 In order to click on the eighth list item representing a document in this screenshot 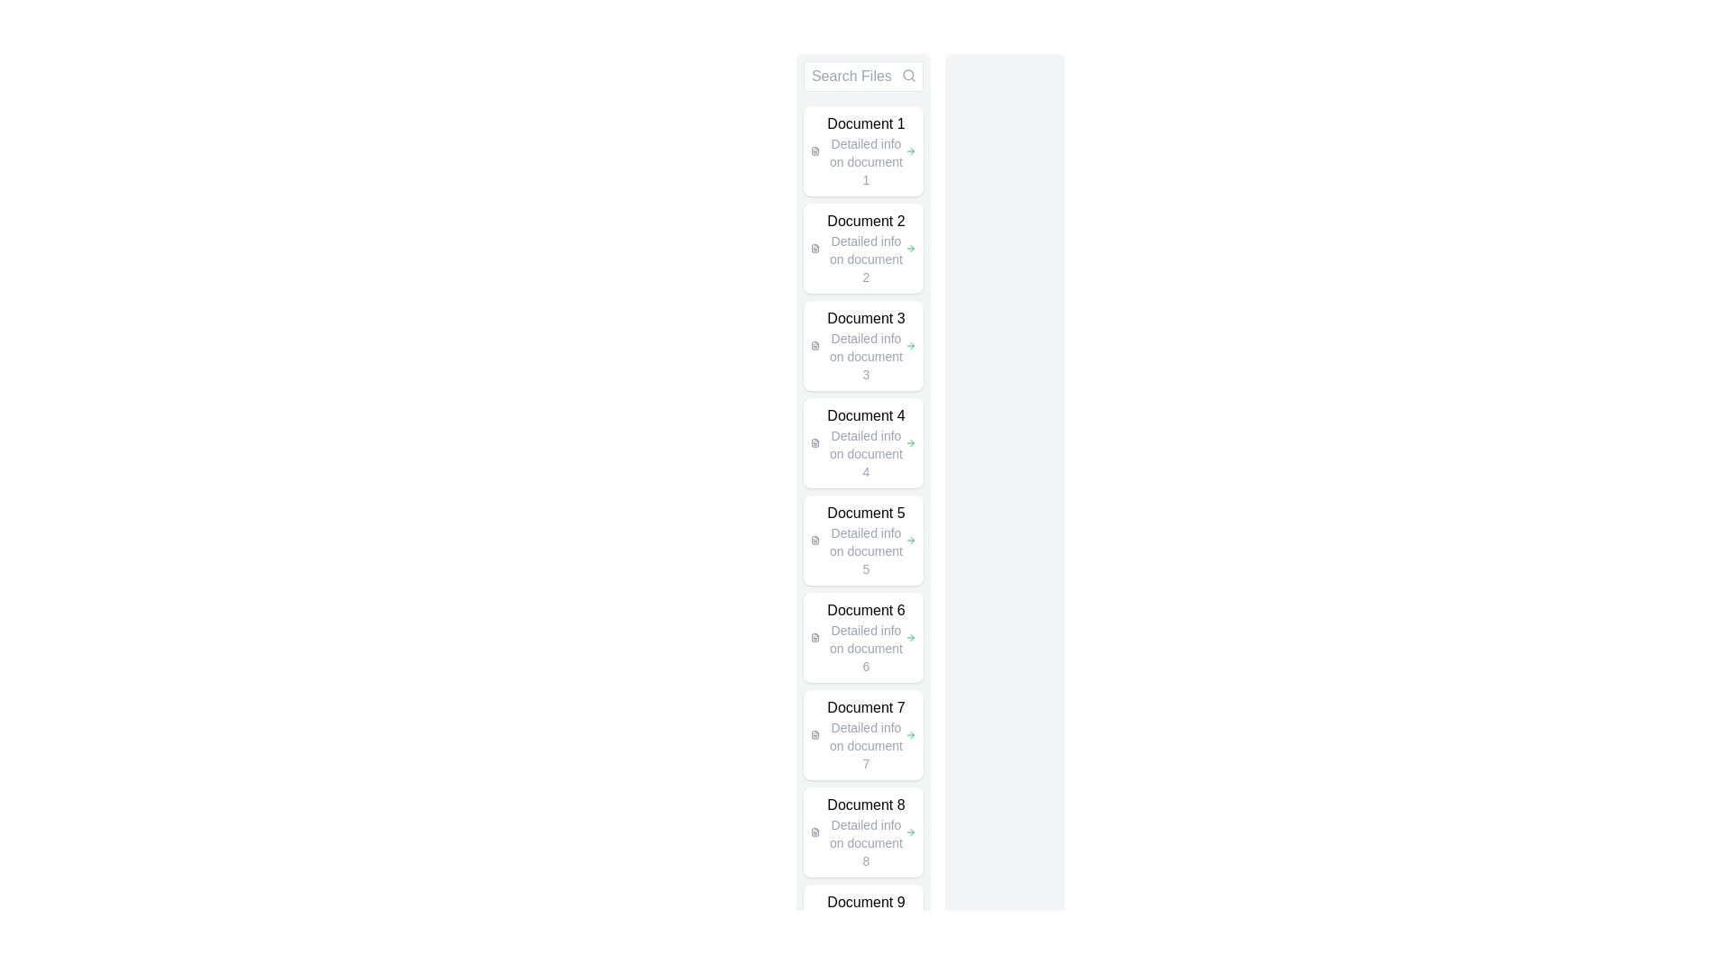, I will do `click(862, 832)`.